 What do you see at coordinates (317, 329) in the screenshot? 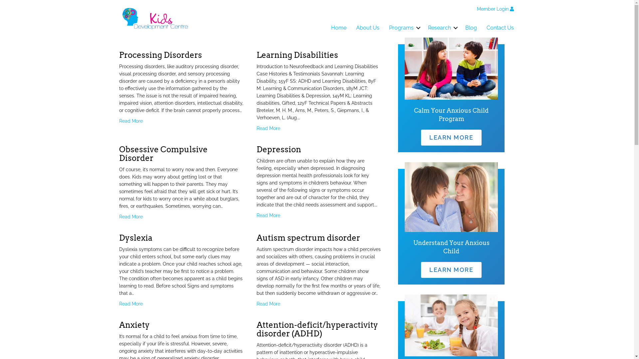
I see `'Attention-deficit/hyperactivity disorder (ADHD)'` at bounding box center [317, 329].